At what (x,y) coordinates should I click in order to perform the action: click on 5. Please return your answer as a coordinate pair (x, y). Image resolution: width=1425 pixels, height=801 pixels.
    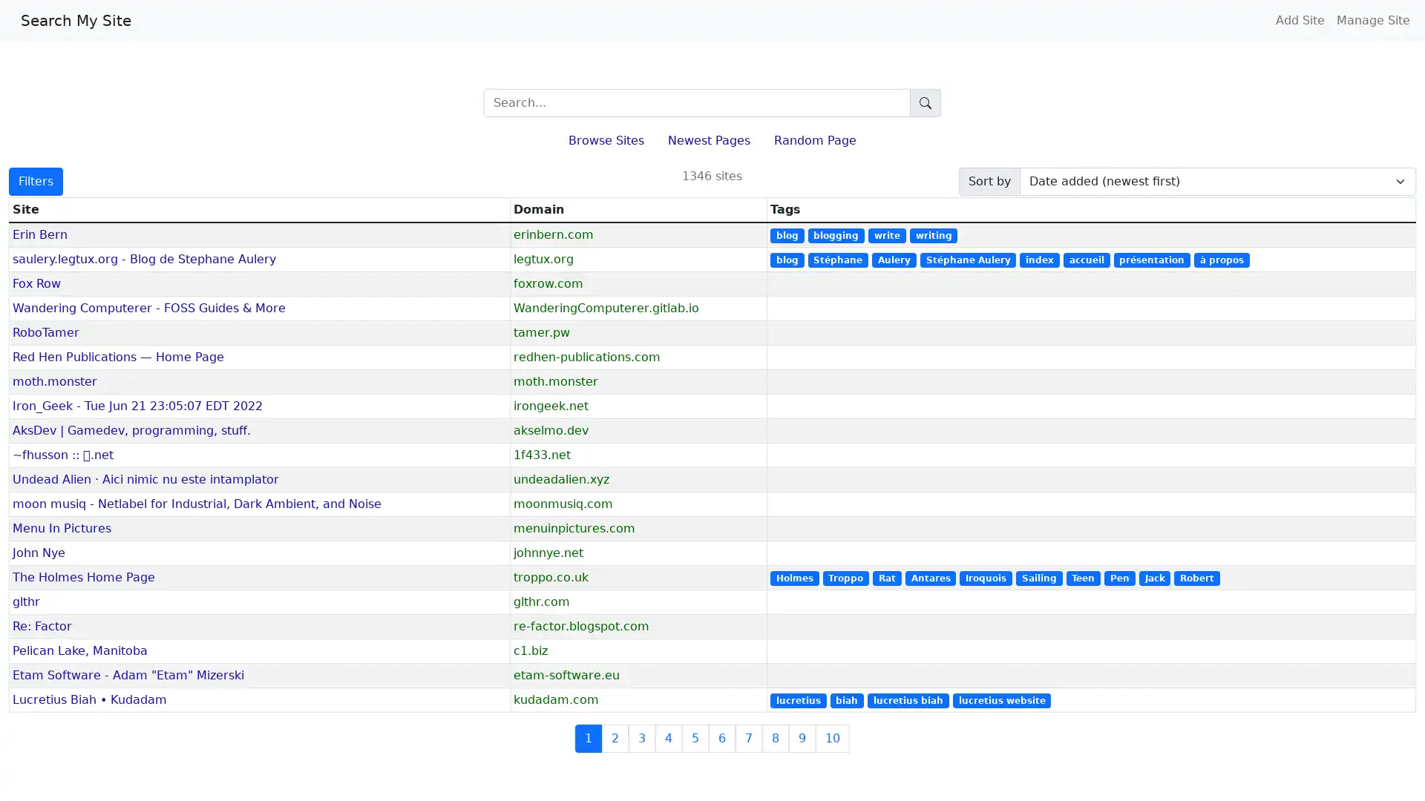
    Looking at the image, I should click on (694, 738).